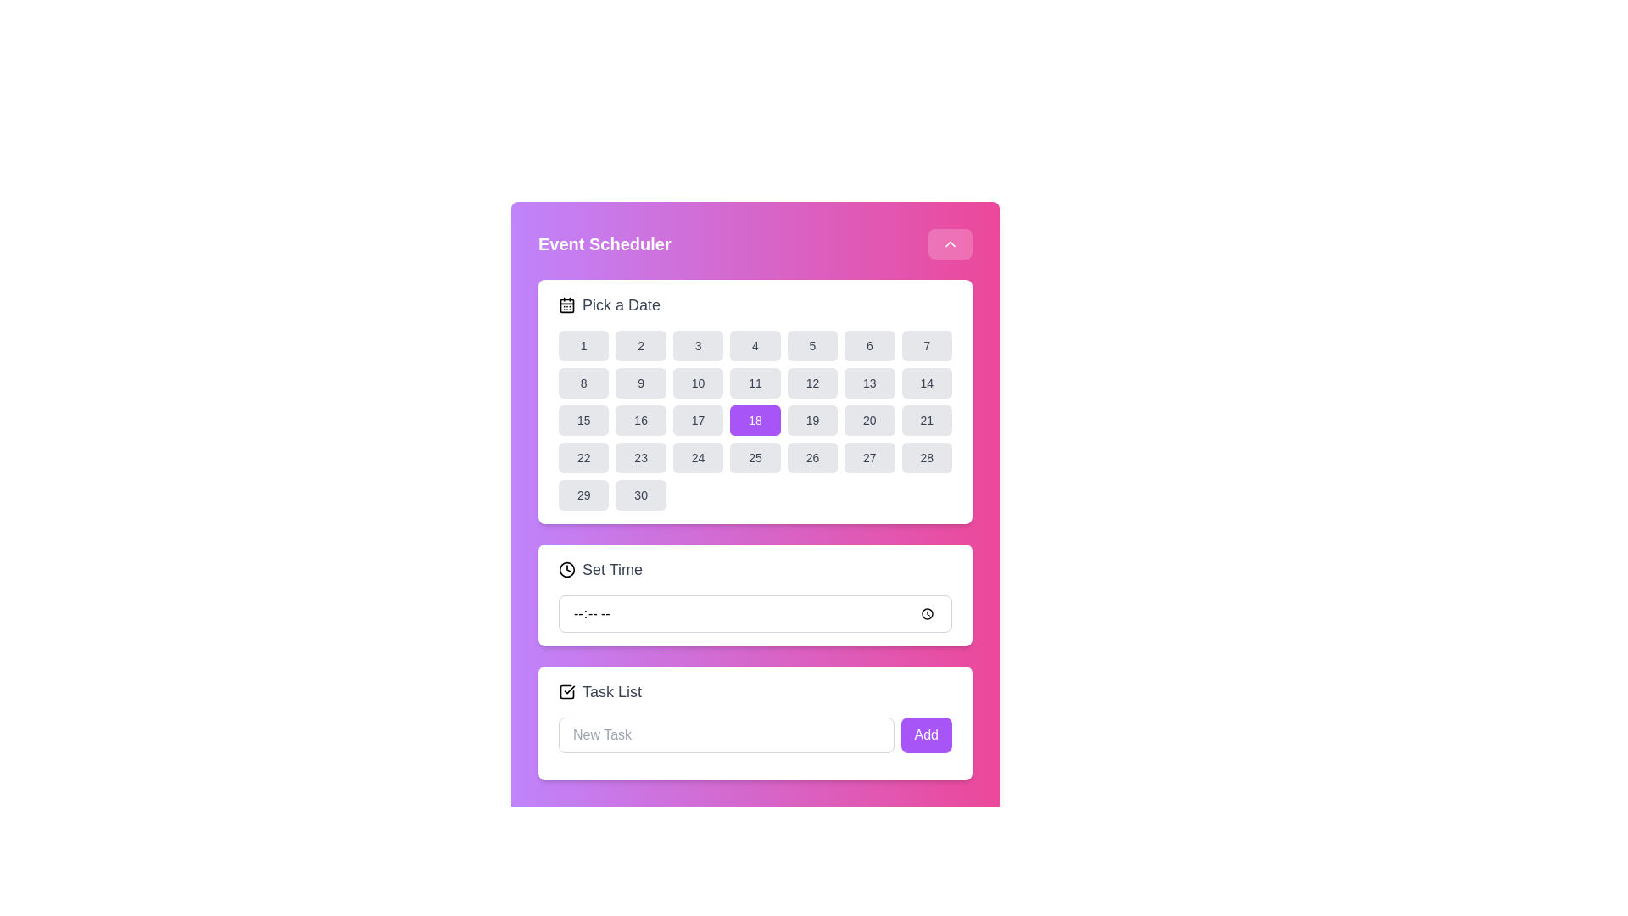 The height and width of the screenshot is (916, 1628). Describe the element at coordinates (755, 420) in the screenshot. I see `the button labeled '18' with a purple background` at that location.